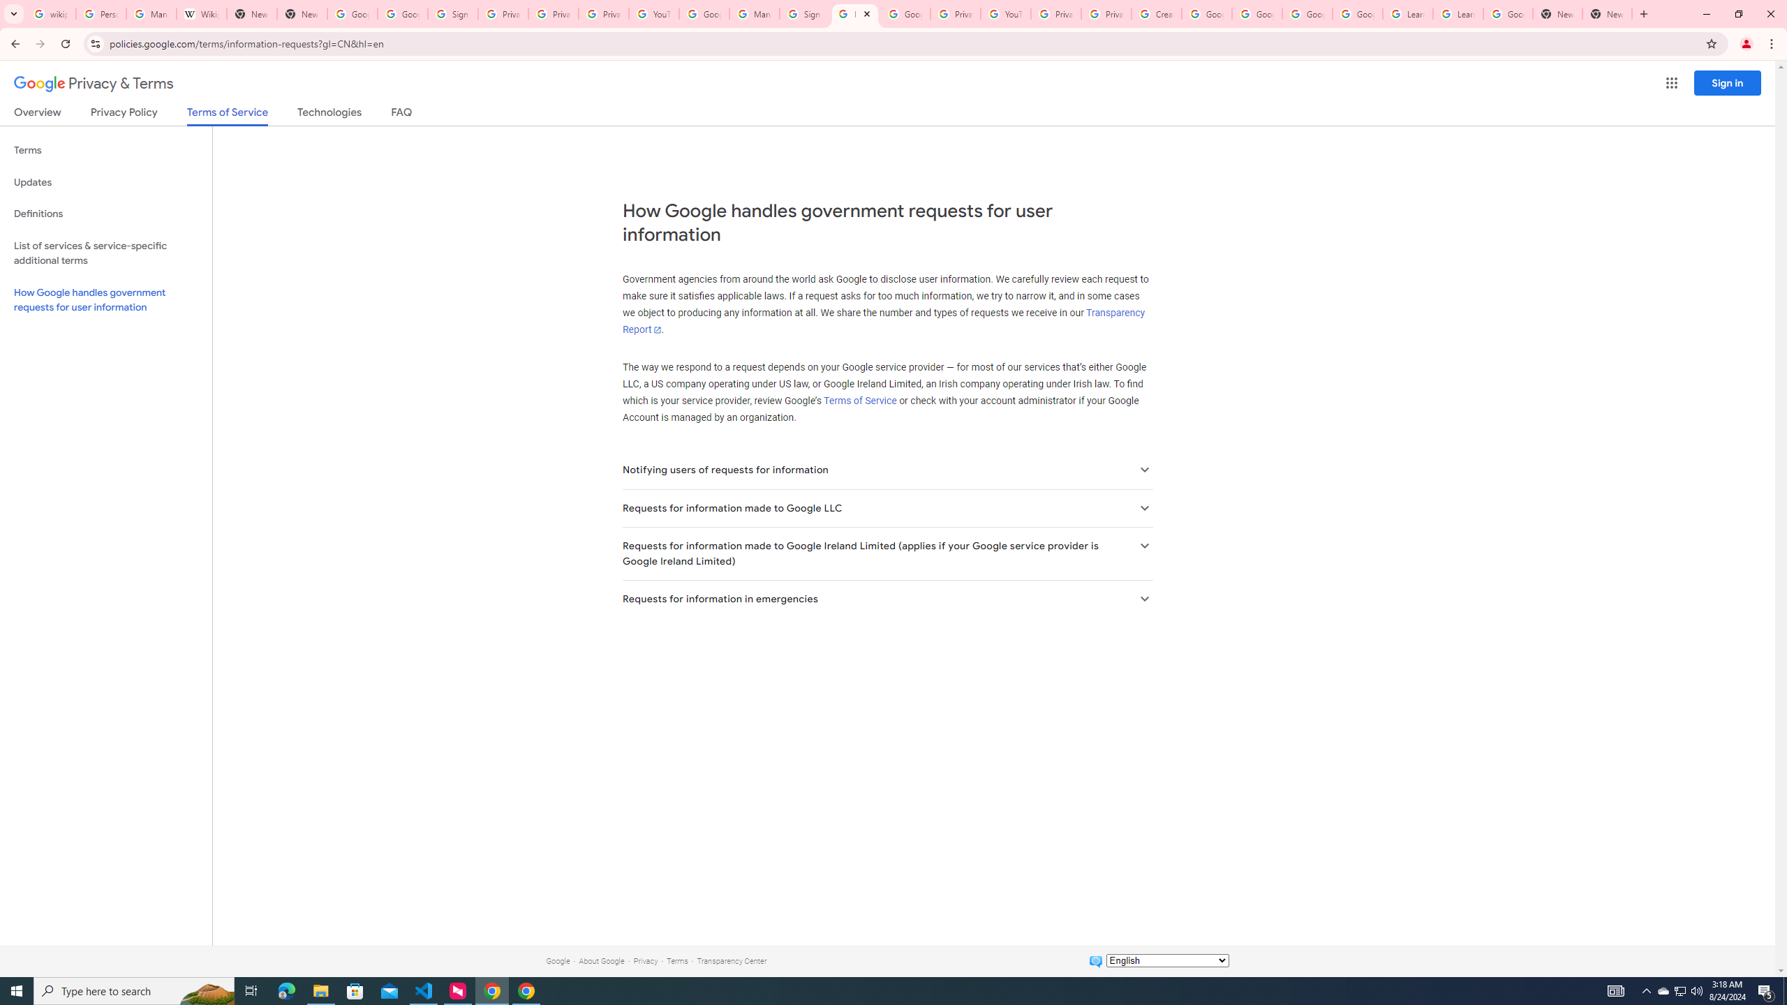 The image size is (1787, 1005). What do you see at coordinates (1306, 13) in the screenshot?
I see `'Google Account Help'` at bounding box center [1306, 13].